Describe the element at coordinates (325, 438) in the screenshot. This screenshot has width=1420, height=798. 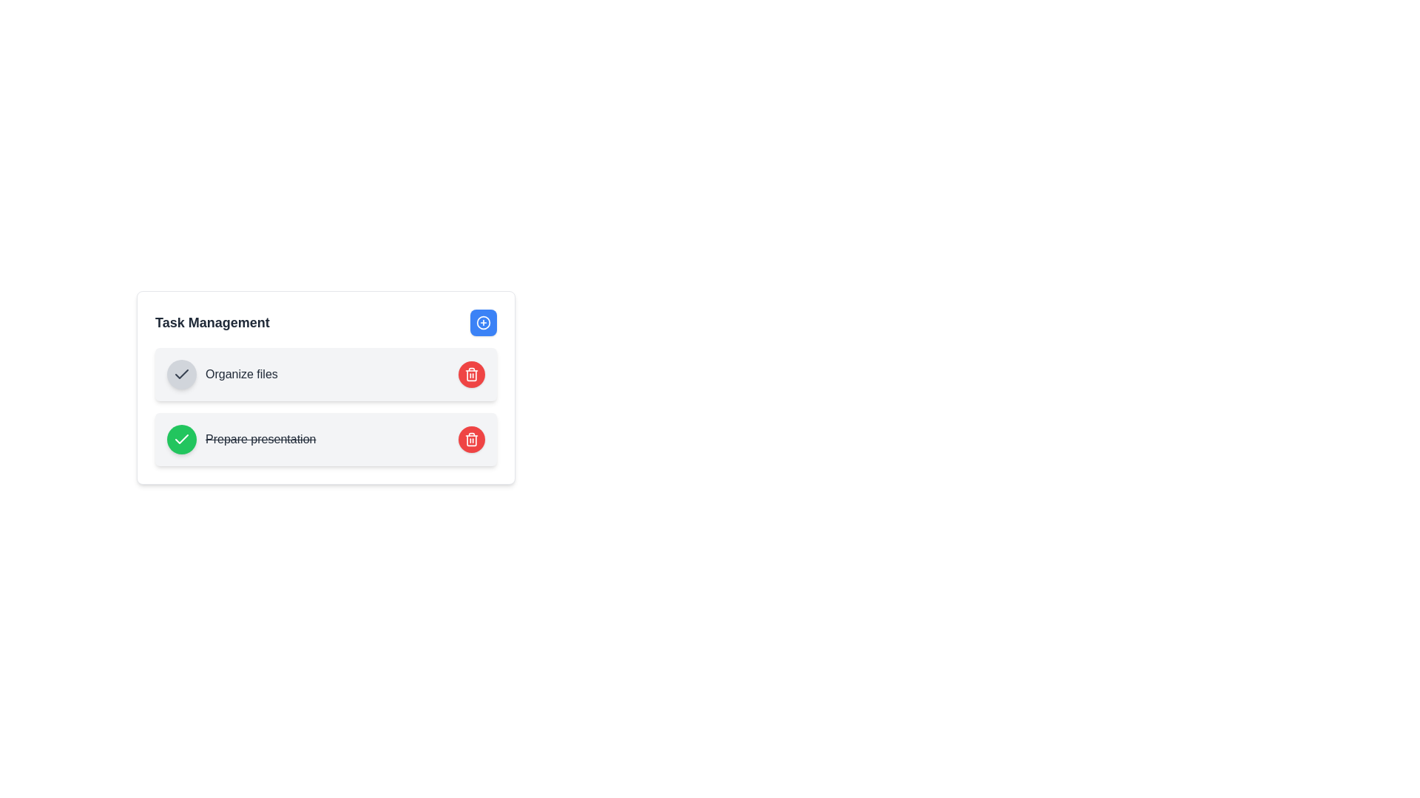
I see `the green checkmark button on the second interactive task list item labeled 'Prepare presentation' in the Task Management section to uncheck the task` at that location.